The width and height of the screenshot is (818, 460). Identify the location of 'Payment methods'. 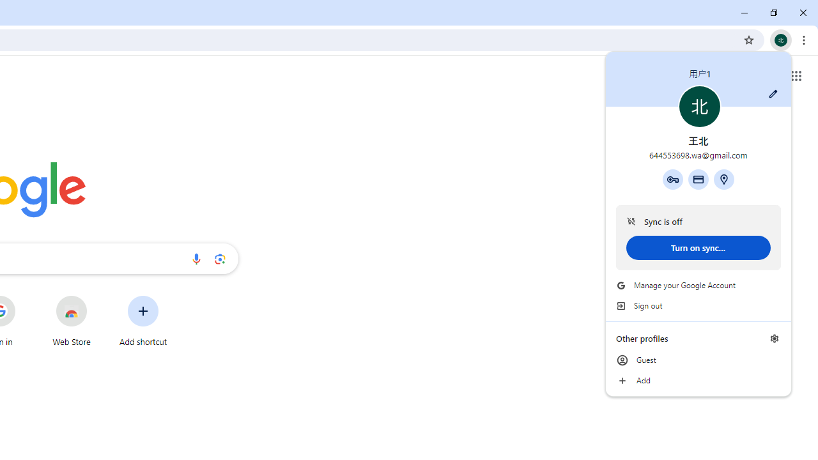
(697, 179).